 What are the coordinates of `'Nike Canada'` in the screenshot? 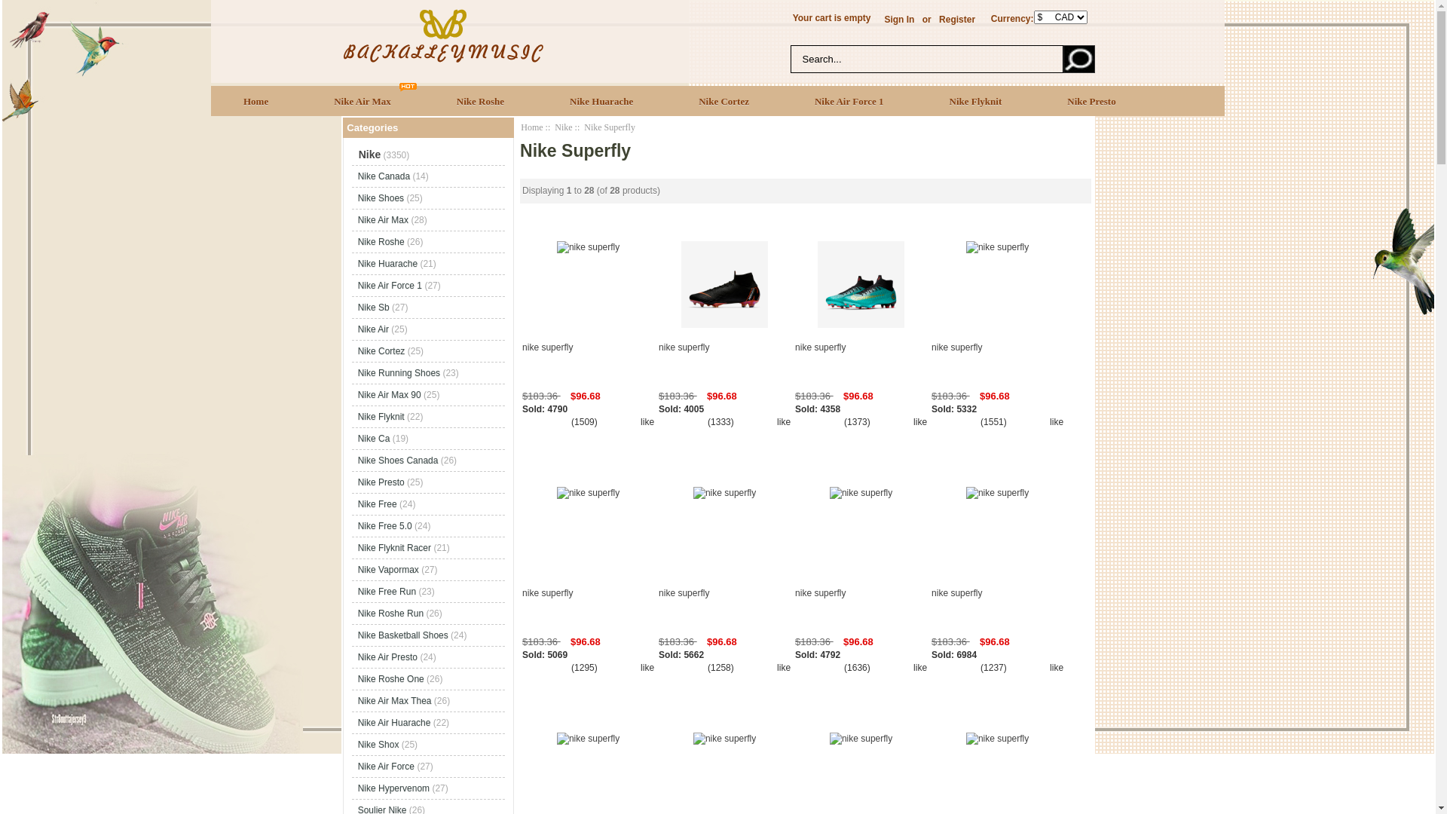 It's located at (384, 176).